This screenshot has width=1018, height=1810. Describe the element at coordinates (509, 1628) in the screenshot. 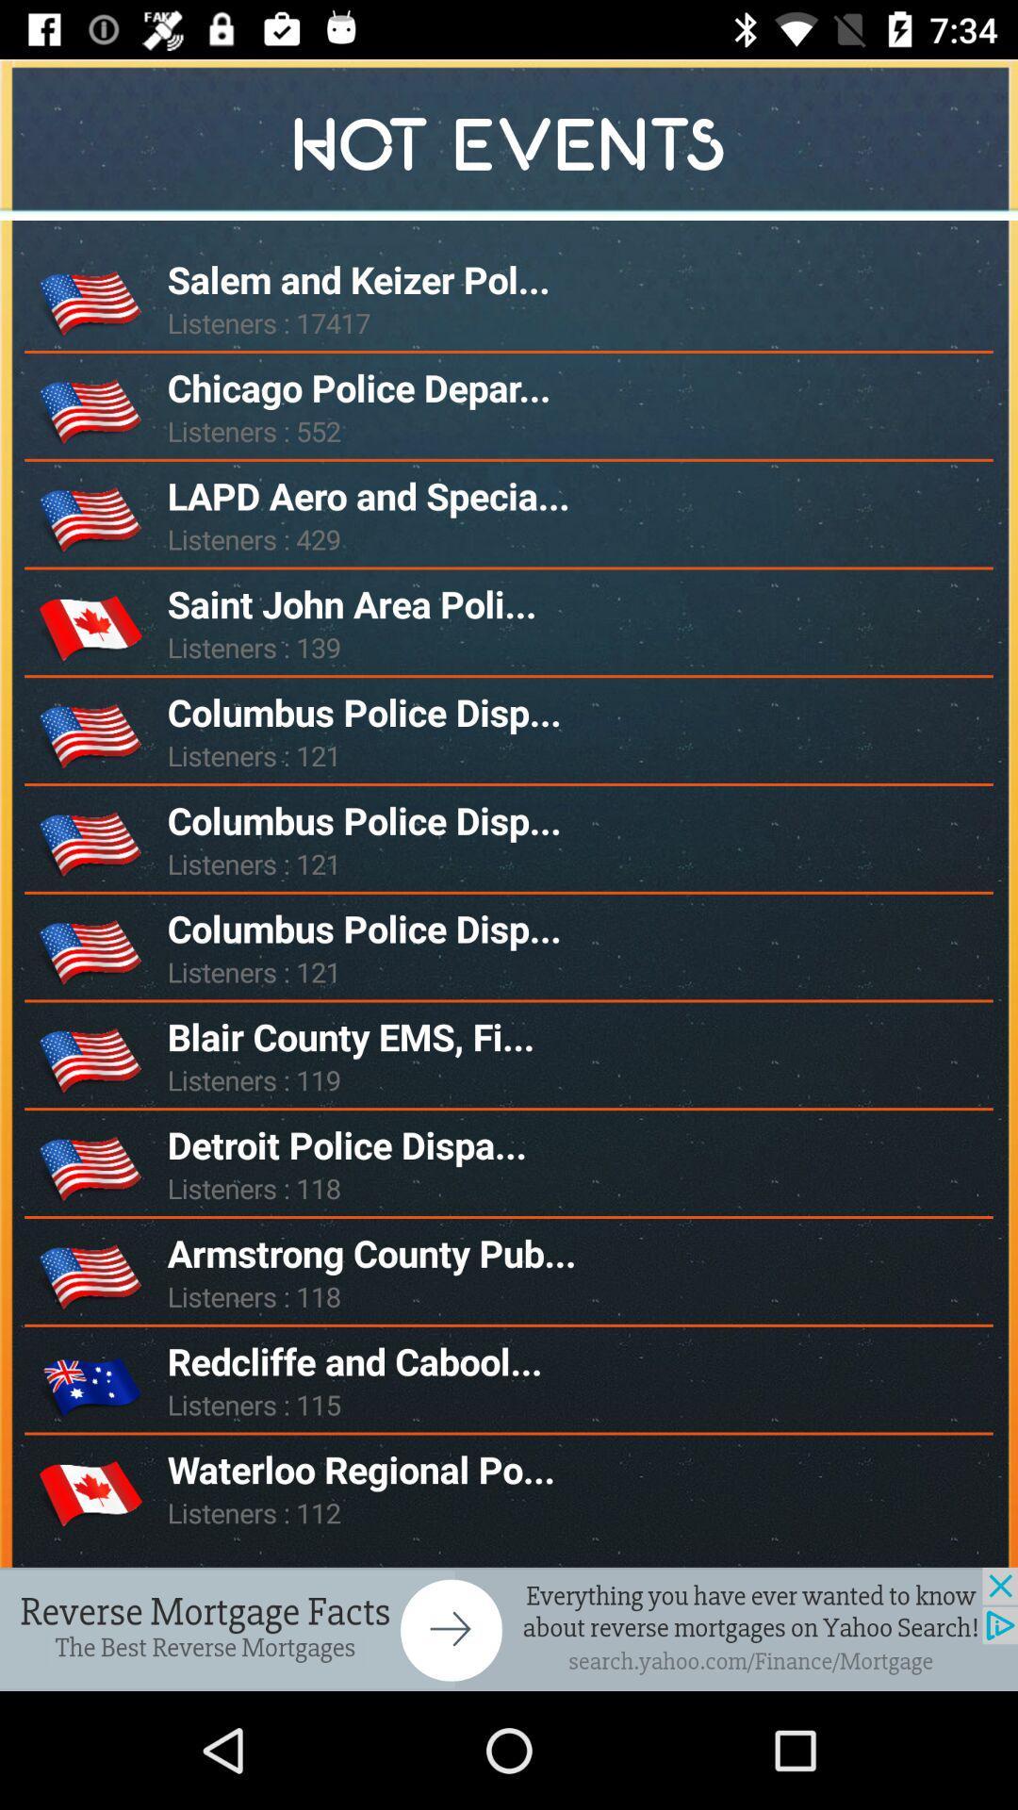

I see `advertisement for reverse mortgage` at that location.